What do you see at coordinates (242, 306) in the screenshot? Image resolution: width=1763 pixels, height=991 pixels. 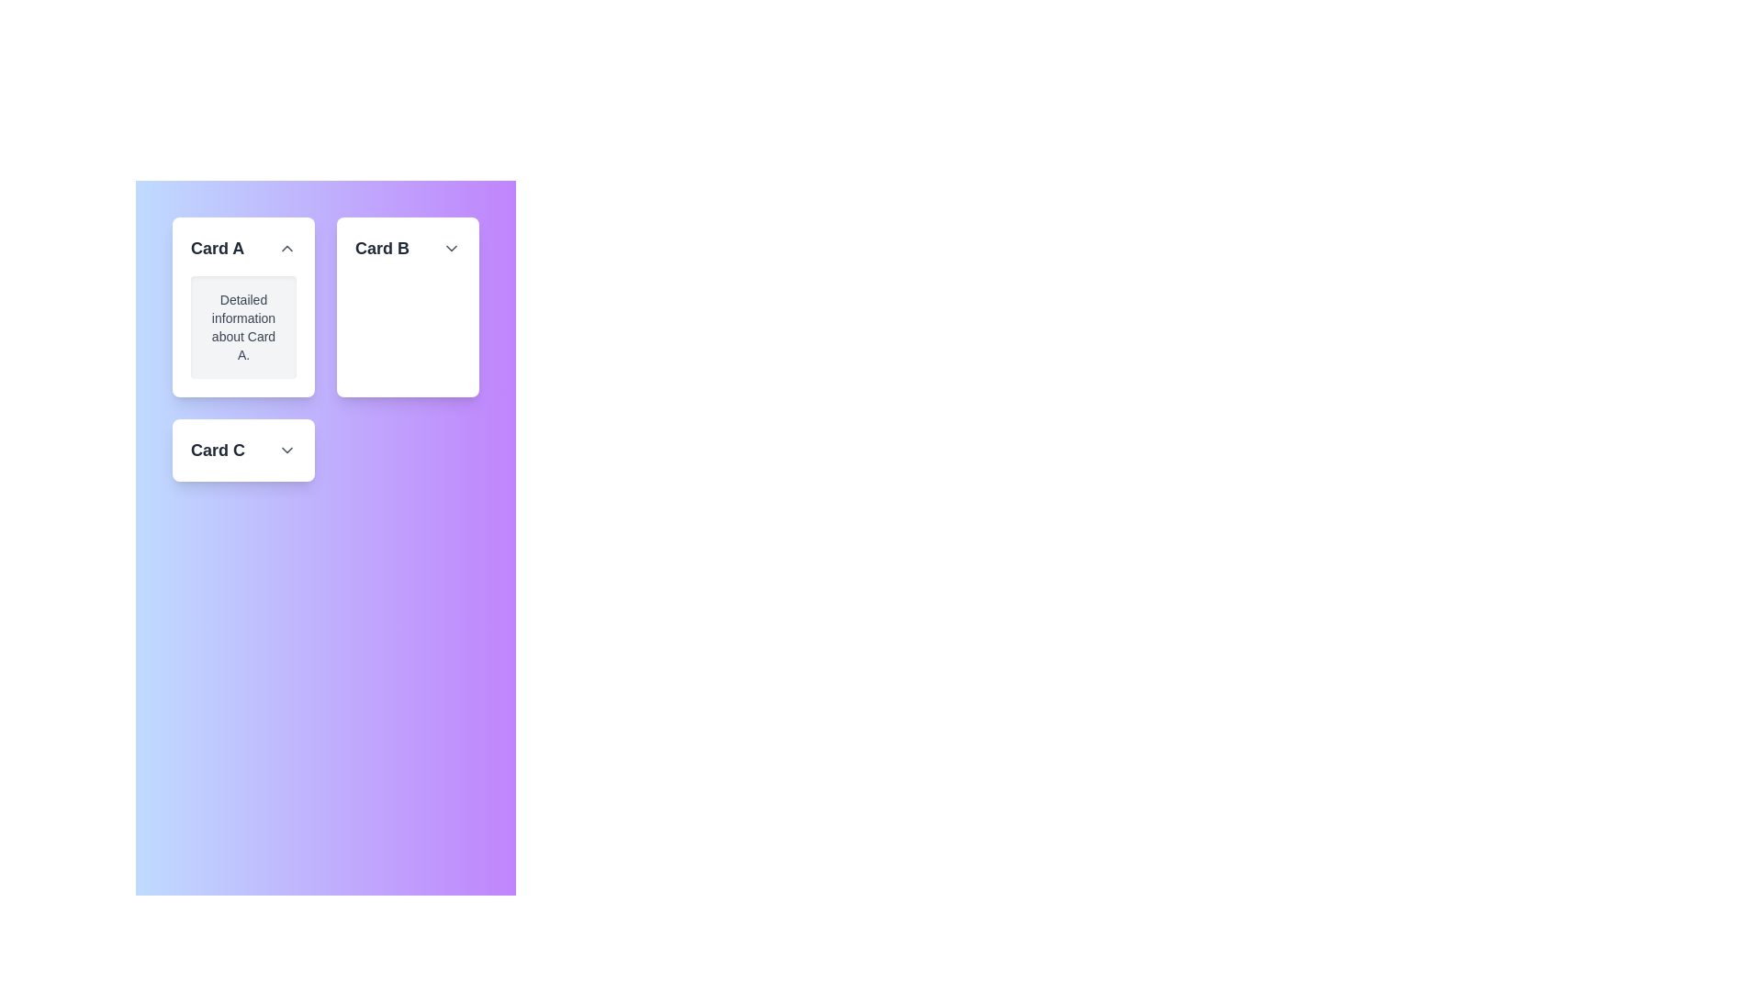 I see `details of the Card component displaying information about 'Card A', which is located in the top-left corner of the grid layout` at bounding box center [242, 306].